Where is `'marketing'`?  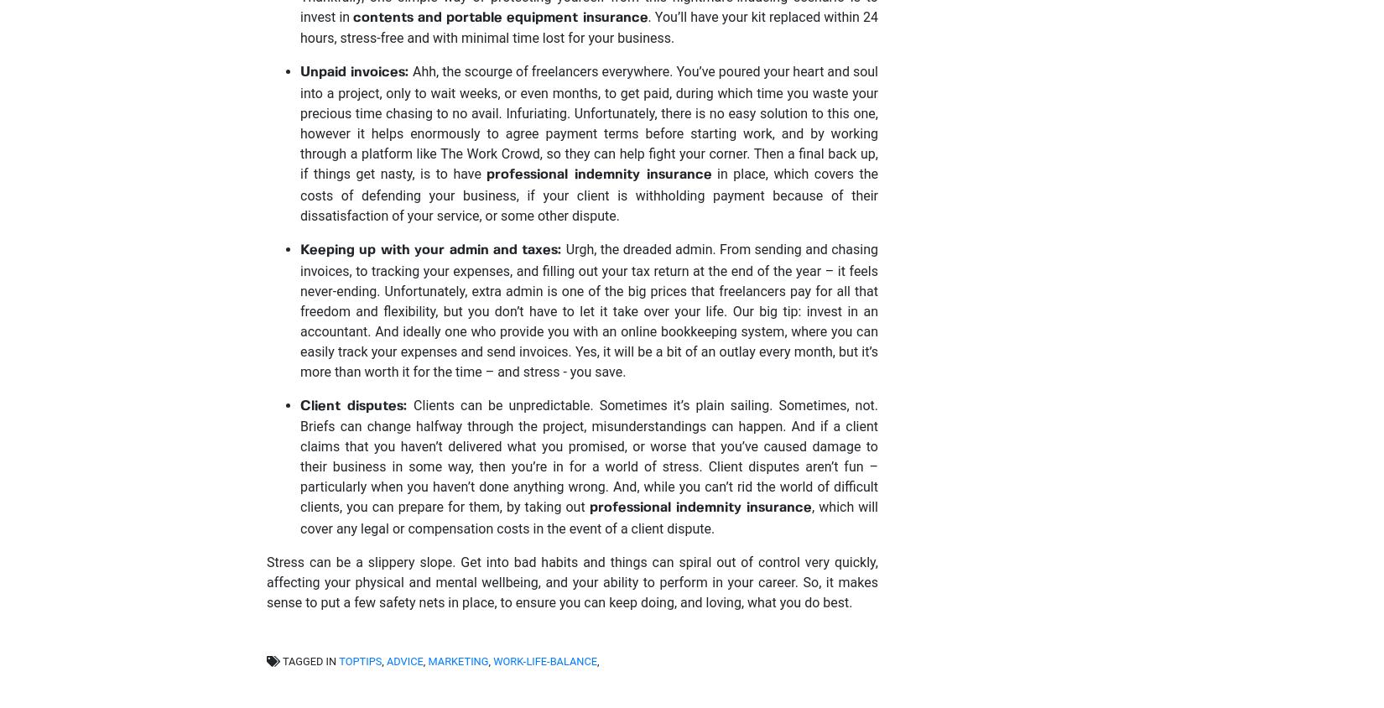 'marketing' is located at coordinates (456, 661).